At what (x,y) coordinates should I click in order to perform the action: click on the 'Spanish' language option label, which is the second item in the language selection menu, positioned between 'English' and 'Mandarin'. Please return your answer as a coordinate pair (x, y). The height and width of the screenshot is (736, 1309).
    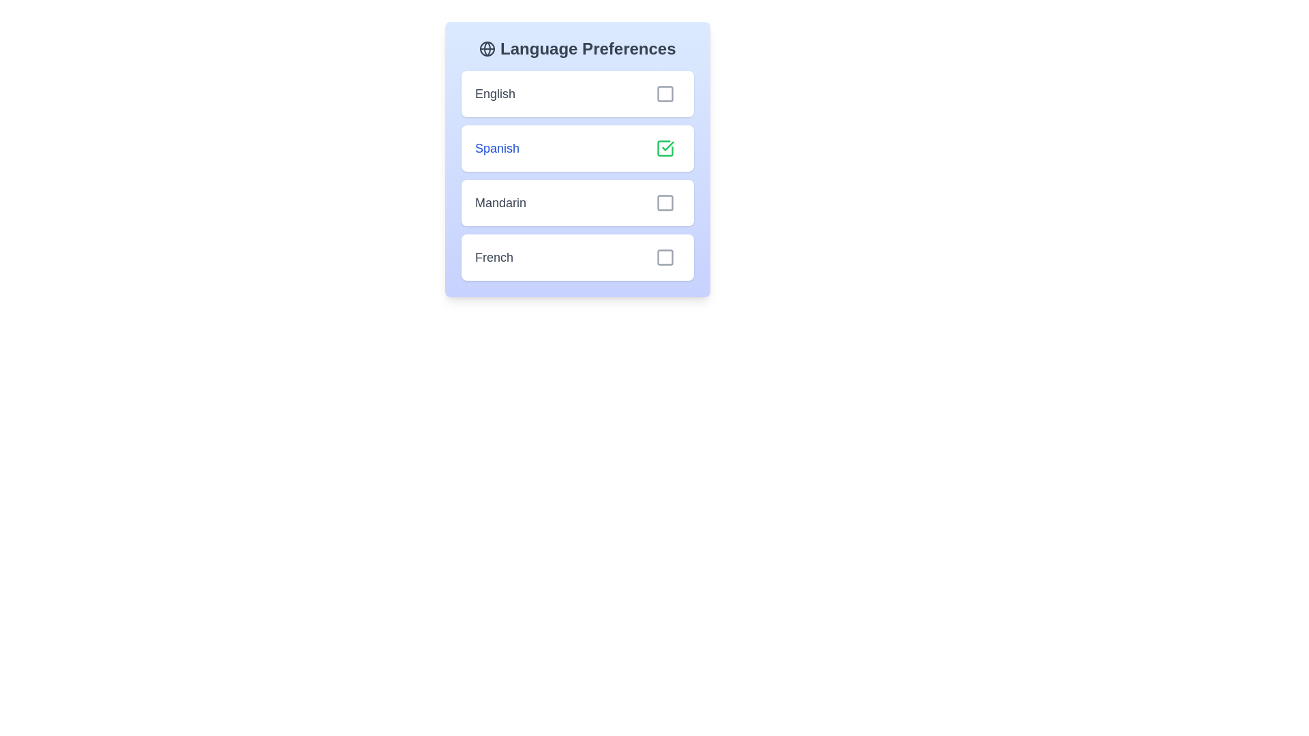
    Looking at the image, I should click on (496, 149).